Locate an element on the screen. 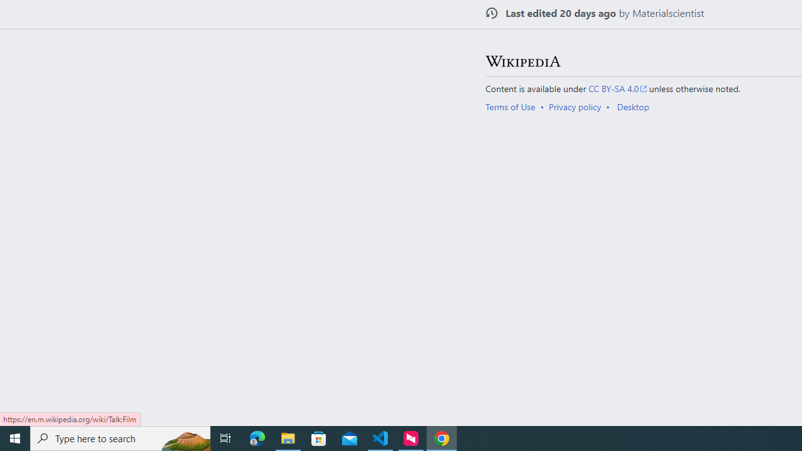  'AutomationID: footer-places-privacy' is located at coordinates (578, 106).